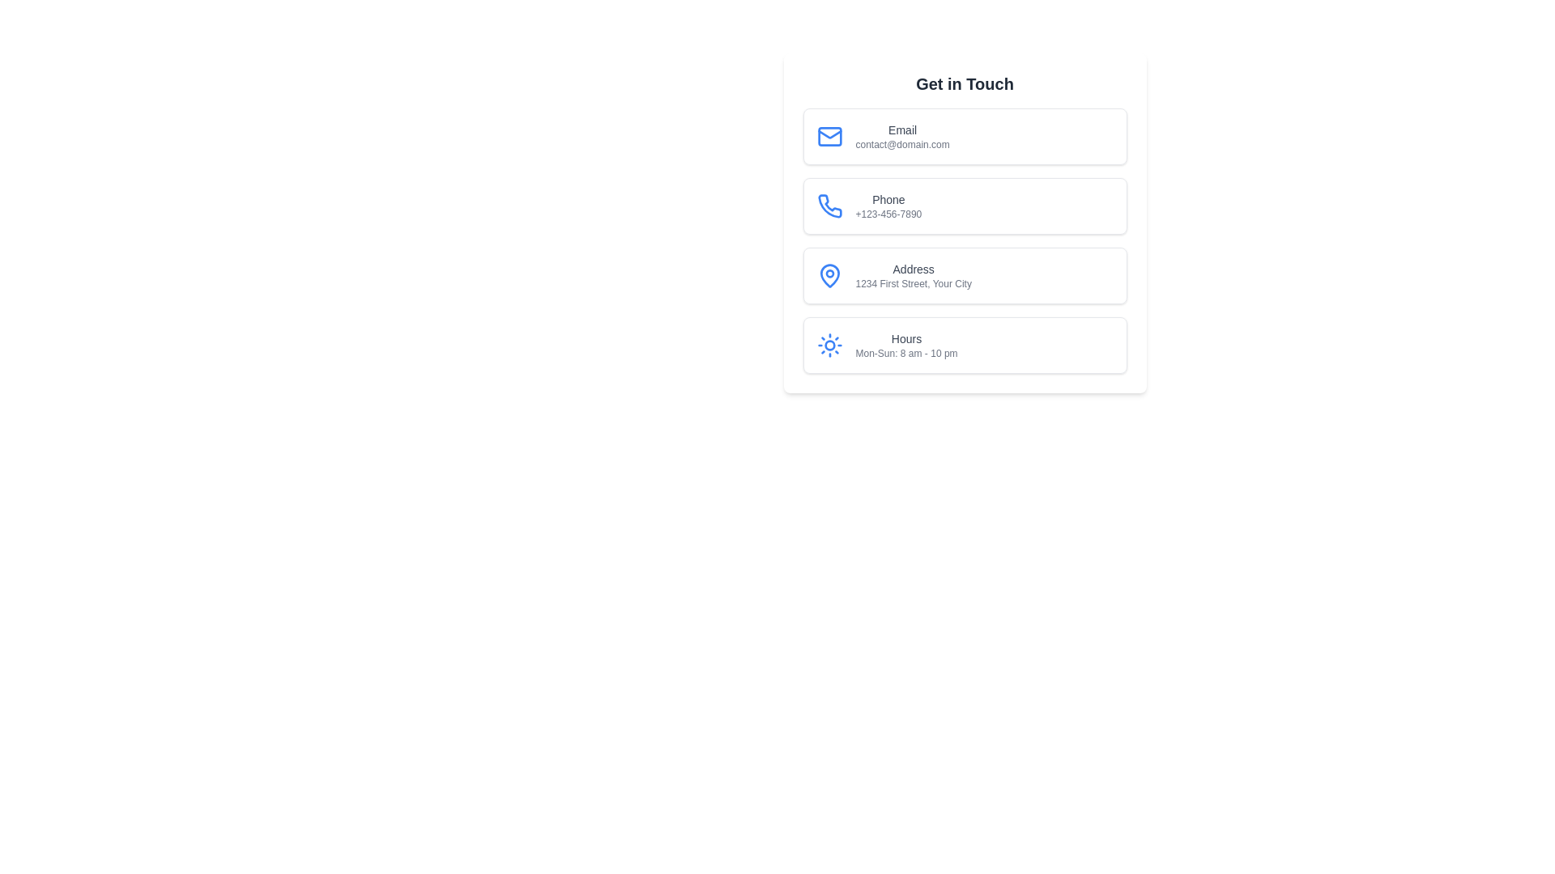 The height and width of the screenshot is (874, 1555). I want to click on the text label that identifies the address information, located above the address '1234 First Street, Your City', and below the location pin icon, so click(914, 268).